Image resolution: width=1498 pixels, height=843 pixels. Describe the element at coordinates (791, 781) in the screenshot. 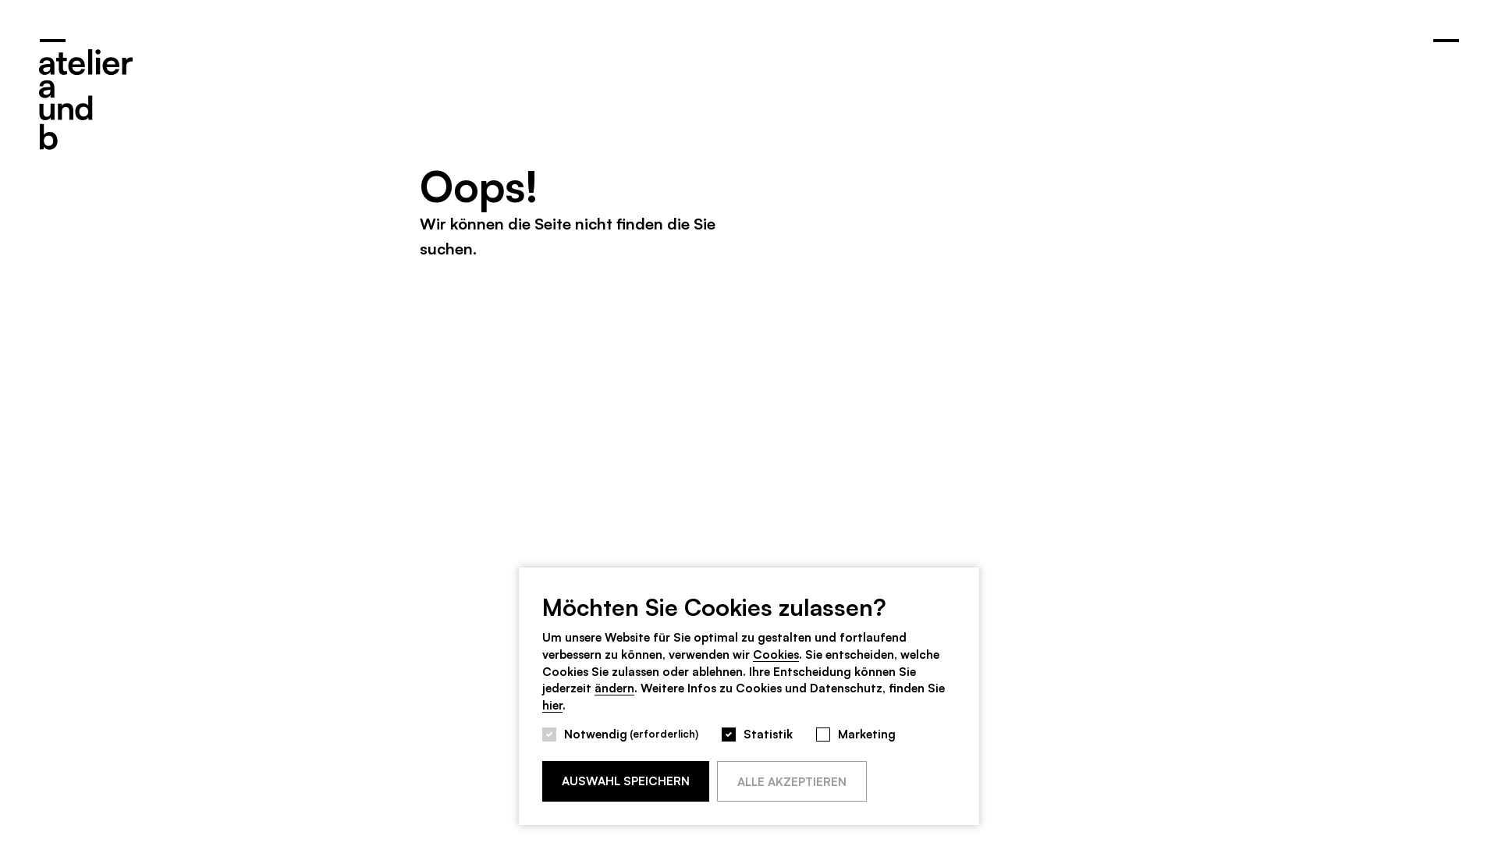

I see `'ALLE AKZEPTIEREN'` at that location.